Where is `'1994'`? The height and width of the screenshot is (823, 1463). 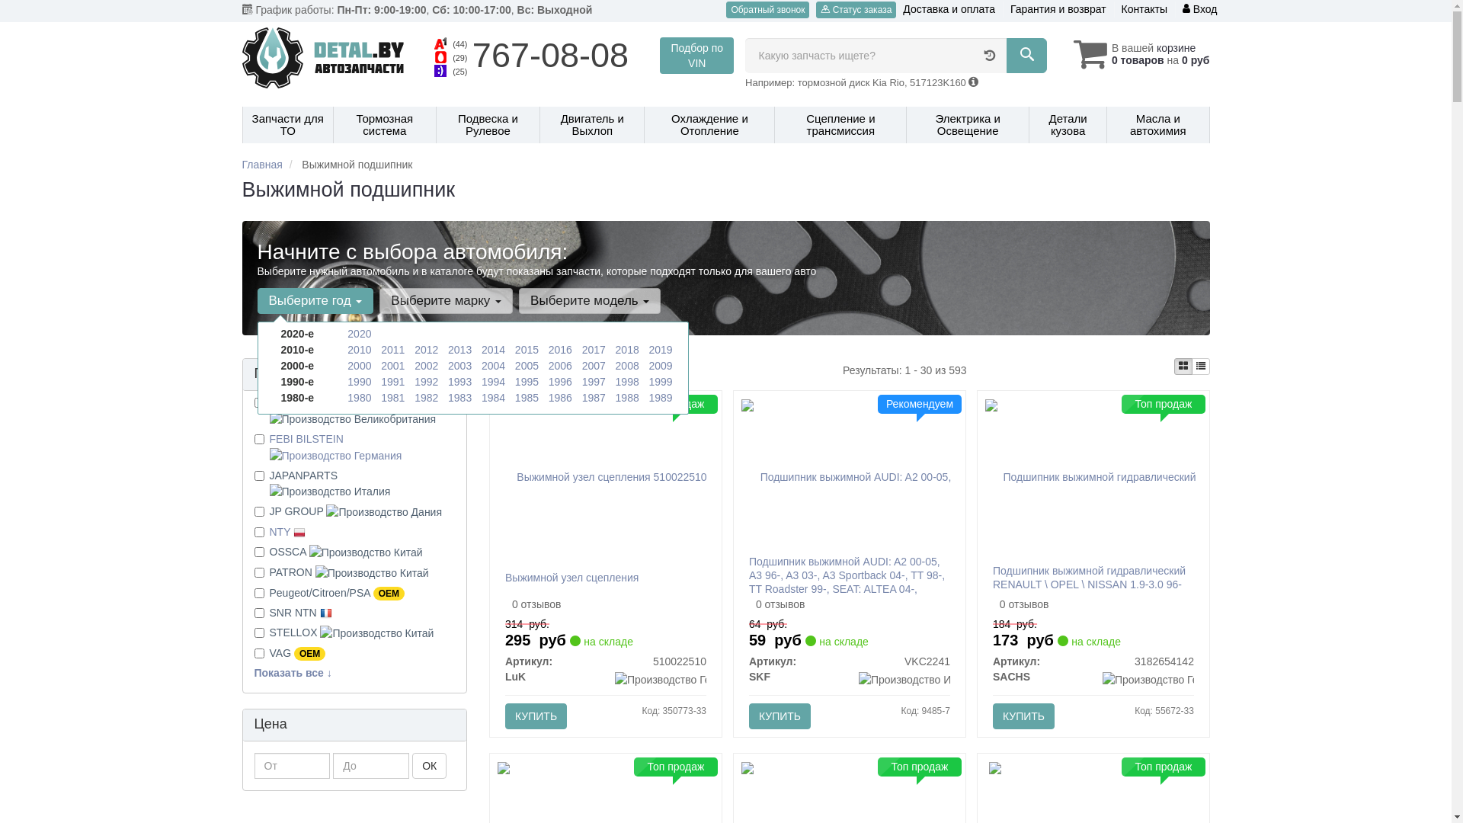 '1994' is located at coordinates (481, 381).